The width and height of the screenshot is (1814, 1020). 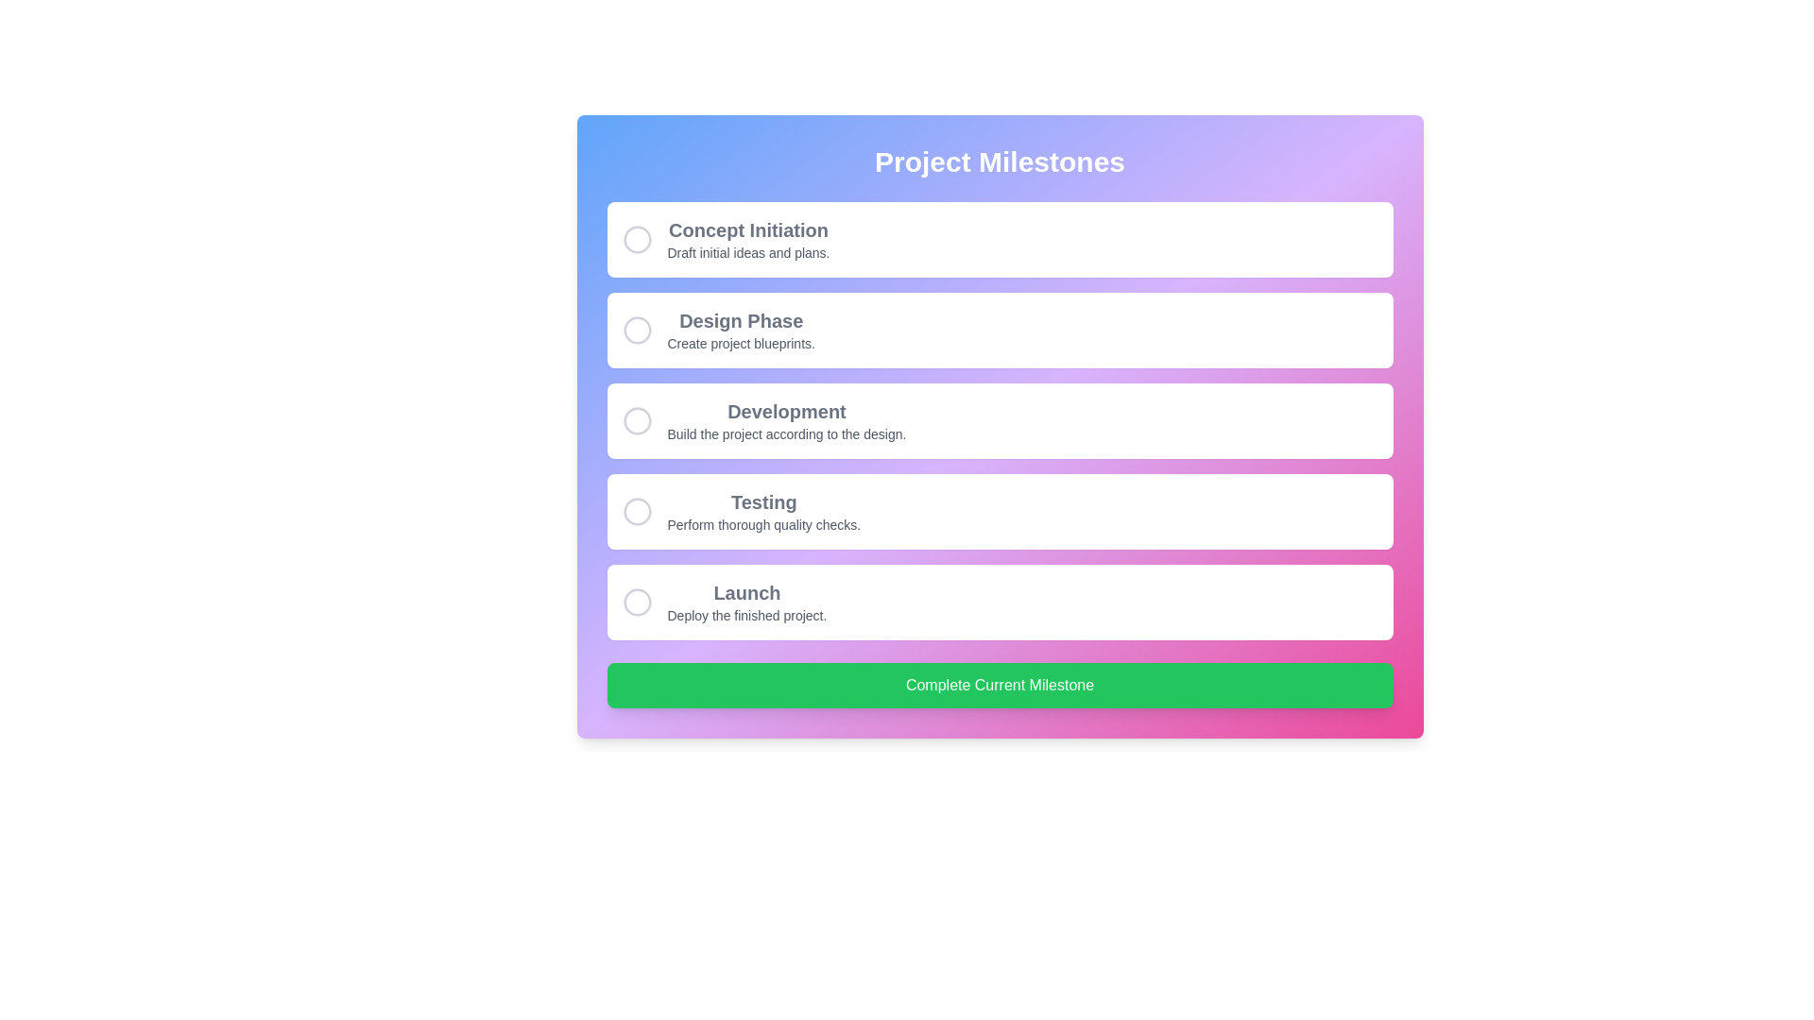 I want to click on text label displaying 'Concept Initiation' which is a large, bold, gray caption located at the top of the first milestone entry in the list, so click(x=747, y=229).